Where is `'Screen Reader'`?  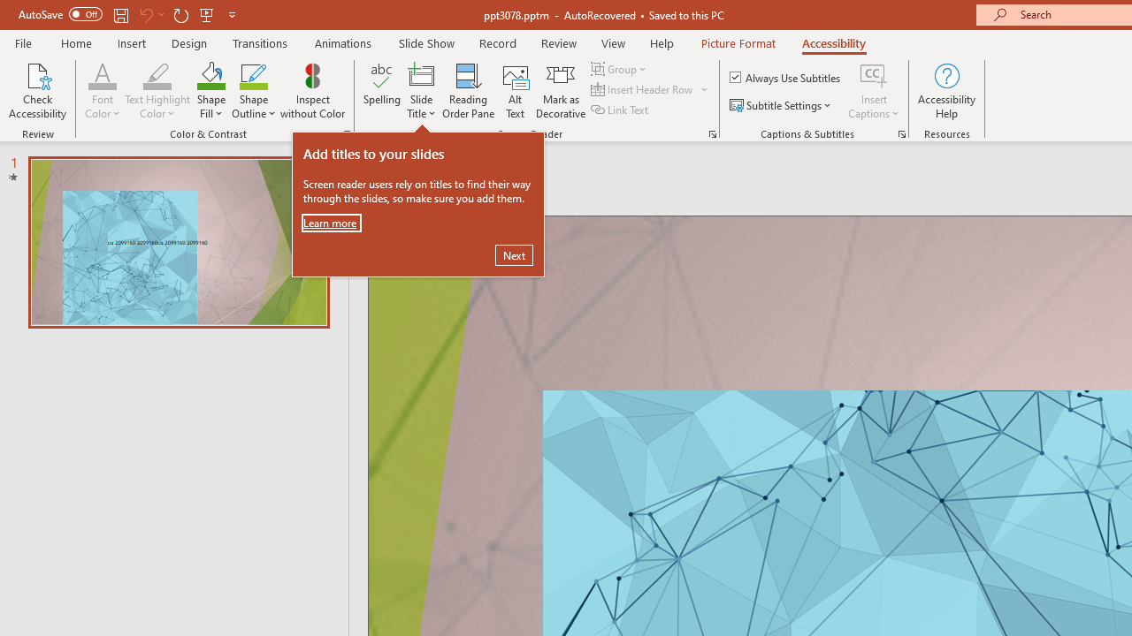 'Screen Reader' is located at coordinates (712, 132).